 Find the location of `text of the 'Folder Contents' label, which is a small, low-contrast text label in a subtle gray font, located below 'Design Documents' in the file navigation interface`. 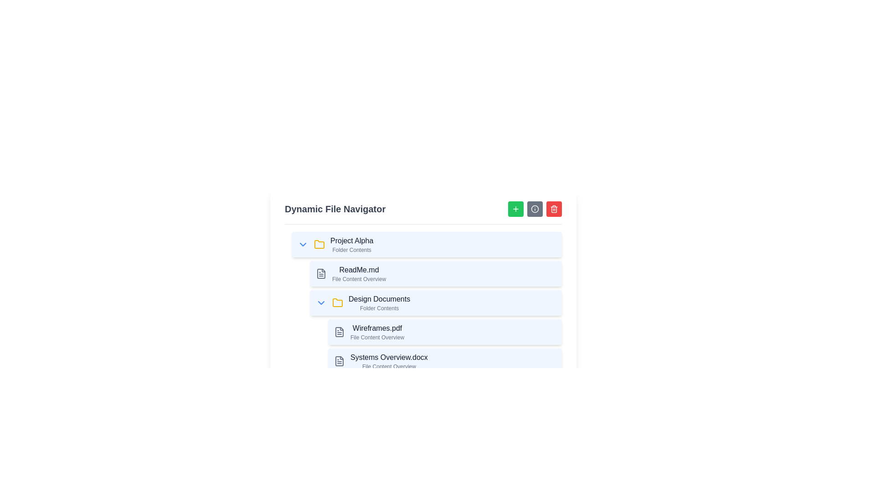

text of the 'Folder Contents' label, which is a small, low-contrast text label in a subtle gray font, located below 'Design Documents' in the file navigation interface is located at coordinates (379, 308).